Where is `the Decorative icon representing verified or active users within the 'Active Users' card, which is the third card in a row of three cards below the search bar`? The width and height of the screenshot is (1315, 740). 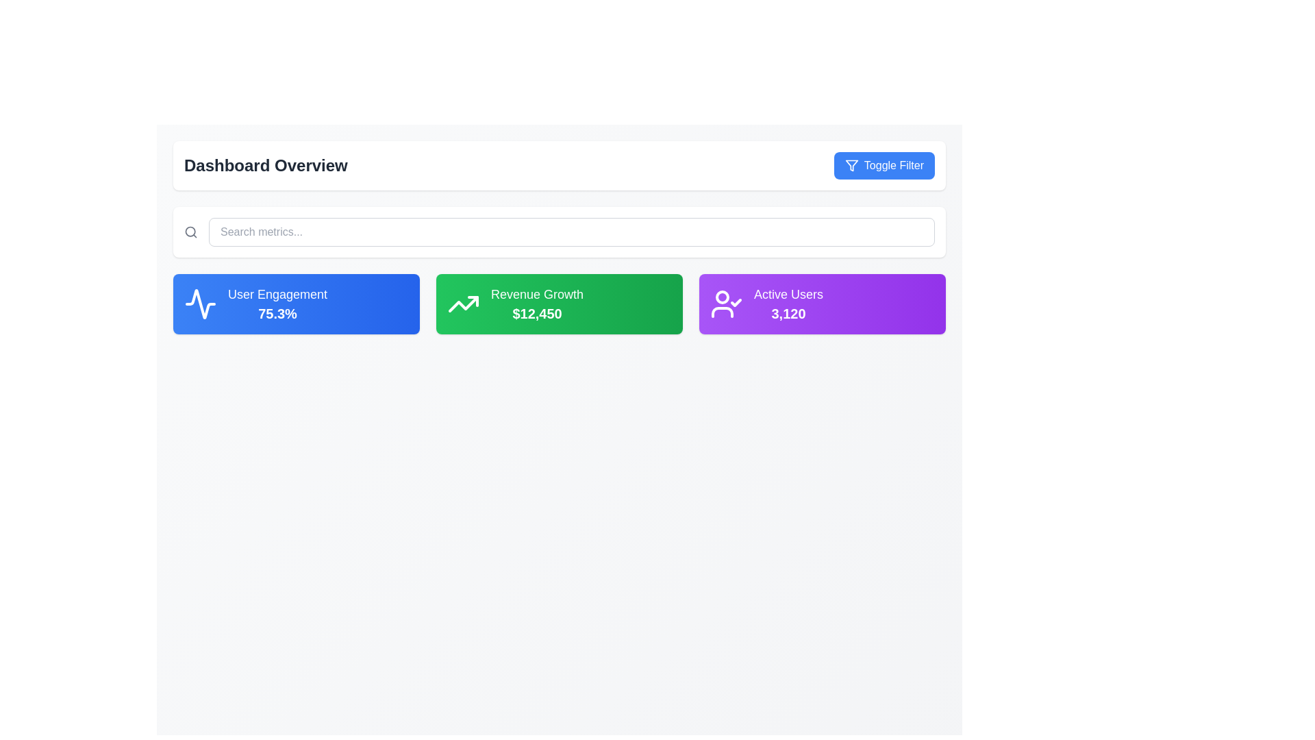 the Decorative icon representing verified or active users within the 'Active Users' card, which is the third card in a row of three cards below the search bar is located at coordinates (725, 303).